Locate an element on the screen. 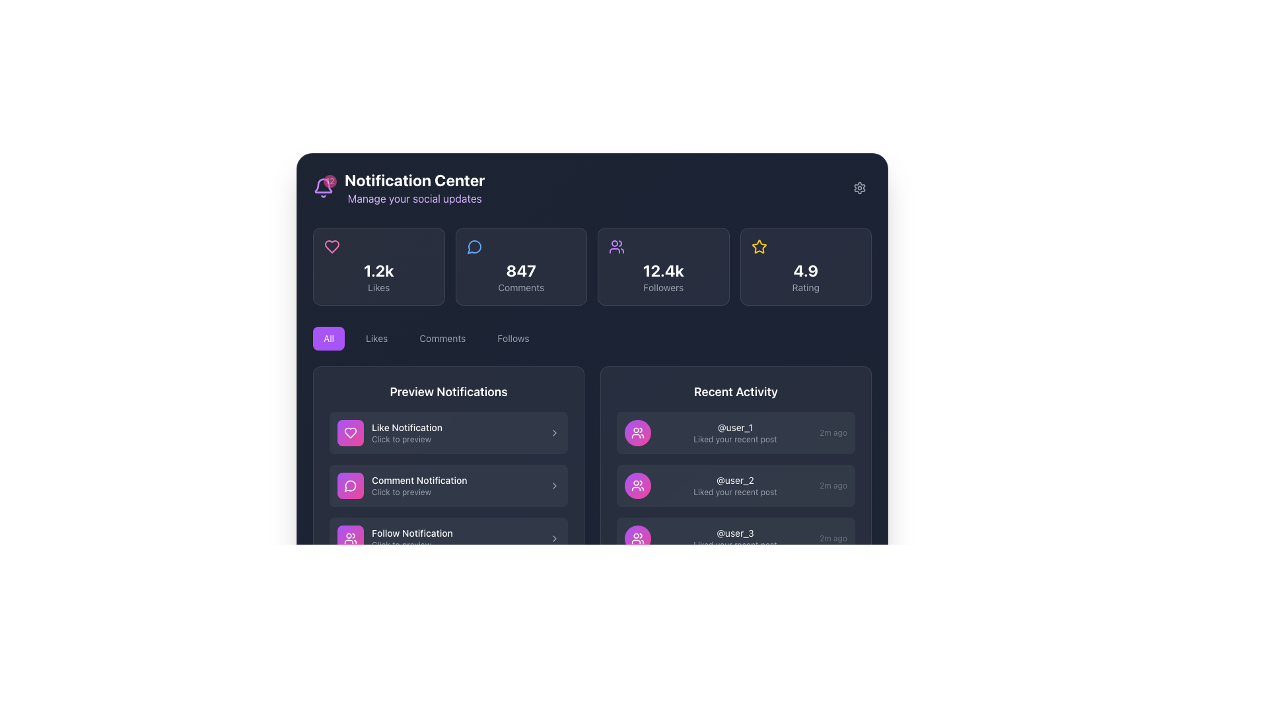  the heart icon that symbolizes 'Likes' in the statistics section, located above the 'Likes' count and label is located at coordinates (332, 247).